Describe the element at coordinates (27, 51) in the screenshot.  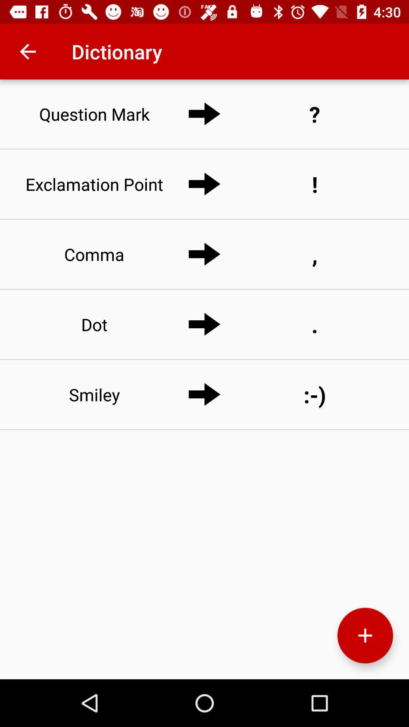
I see `the item next to the dictionary` at that location.